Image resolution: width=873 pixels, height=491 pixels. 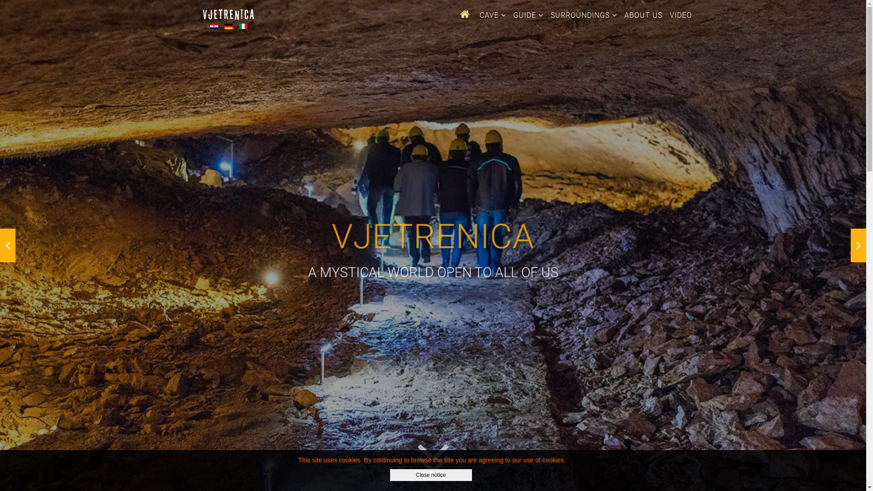 I want to click on 'Close notice', so click(x=390, y=475).